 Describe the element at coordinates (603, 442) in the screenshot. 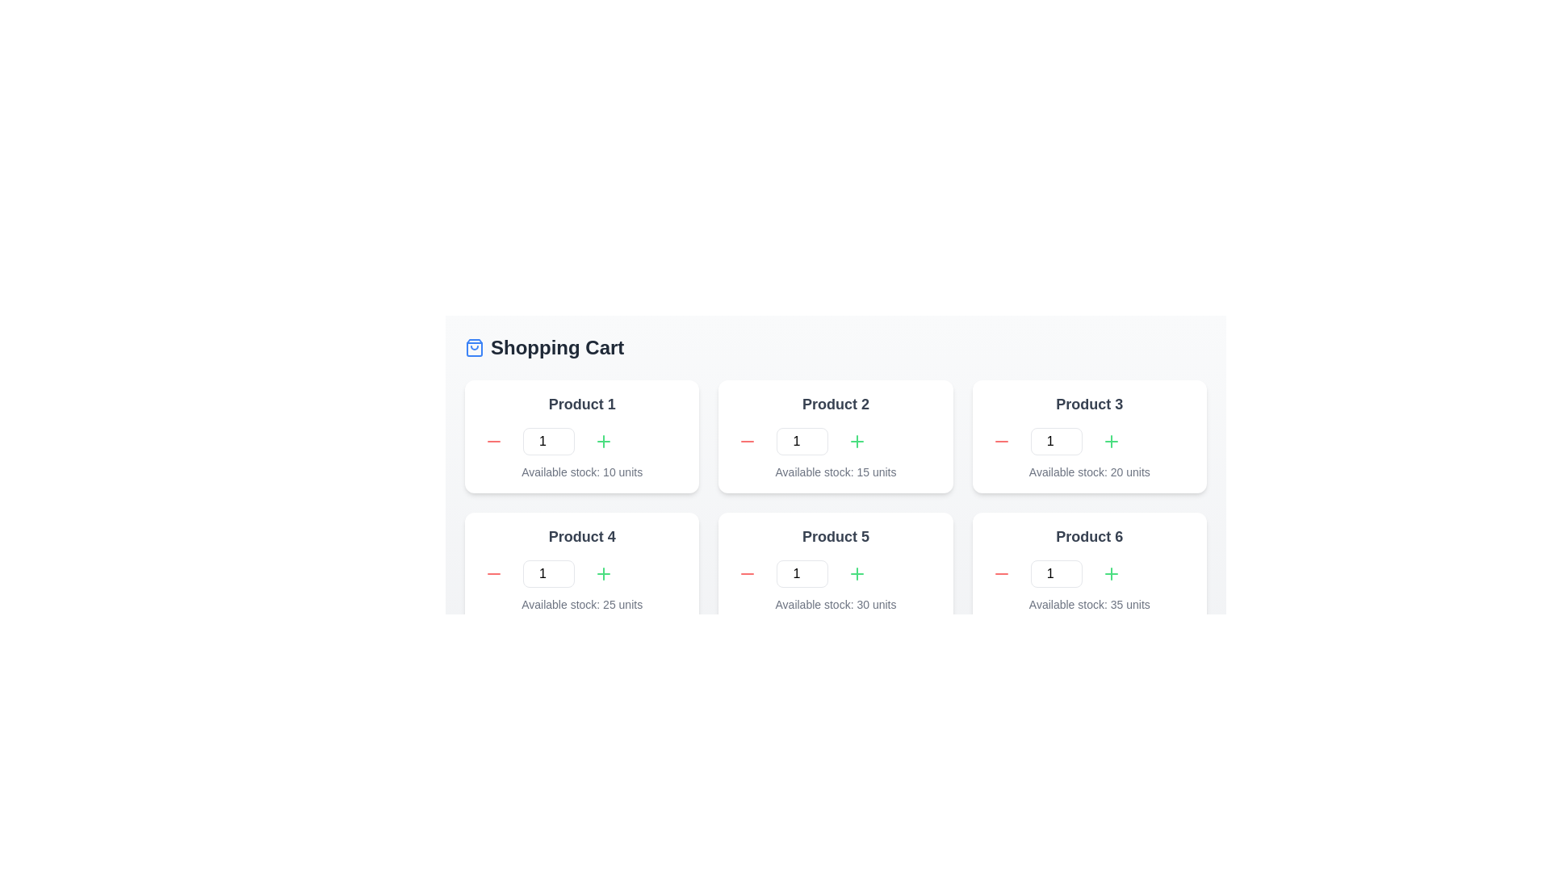

I see `the green circular '+' icon located in the top-right quadrant of the Shopping Cart grid to increase the quantity of Product 2` at that location.